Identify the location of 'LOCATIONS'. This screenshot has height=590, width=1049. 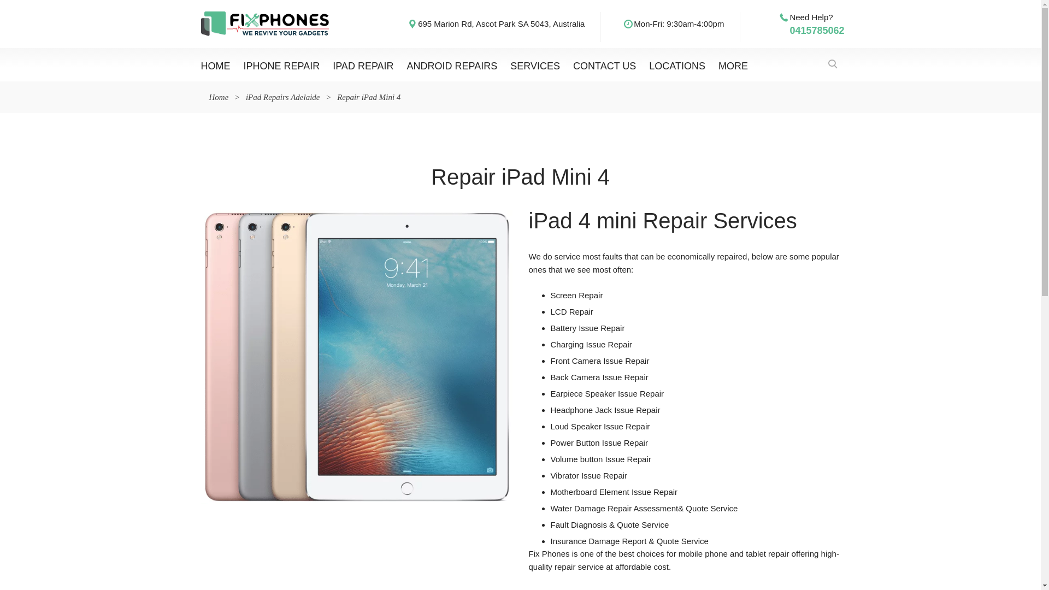
(649, 64).